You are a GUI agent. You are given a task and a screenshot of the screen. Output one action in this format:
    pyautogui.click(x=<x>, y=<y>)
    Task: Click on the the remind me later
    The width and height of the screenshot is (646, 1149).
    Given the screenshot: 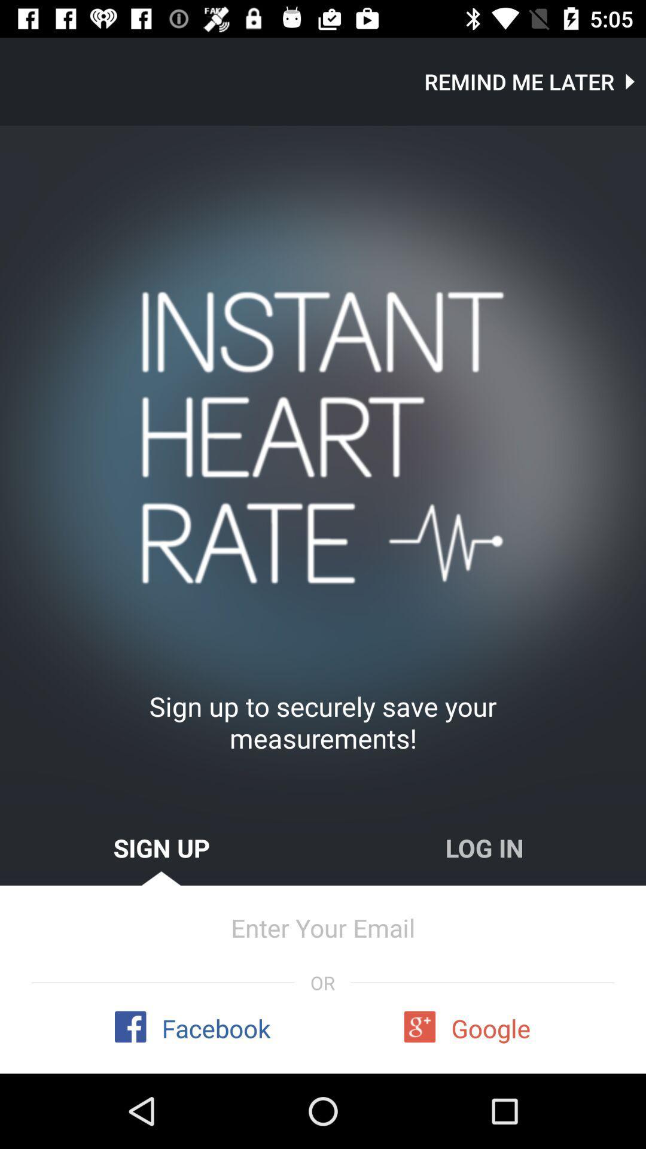 What is the action you would take?
    pyautogui.click(x=534, y=81)
    